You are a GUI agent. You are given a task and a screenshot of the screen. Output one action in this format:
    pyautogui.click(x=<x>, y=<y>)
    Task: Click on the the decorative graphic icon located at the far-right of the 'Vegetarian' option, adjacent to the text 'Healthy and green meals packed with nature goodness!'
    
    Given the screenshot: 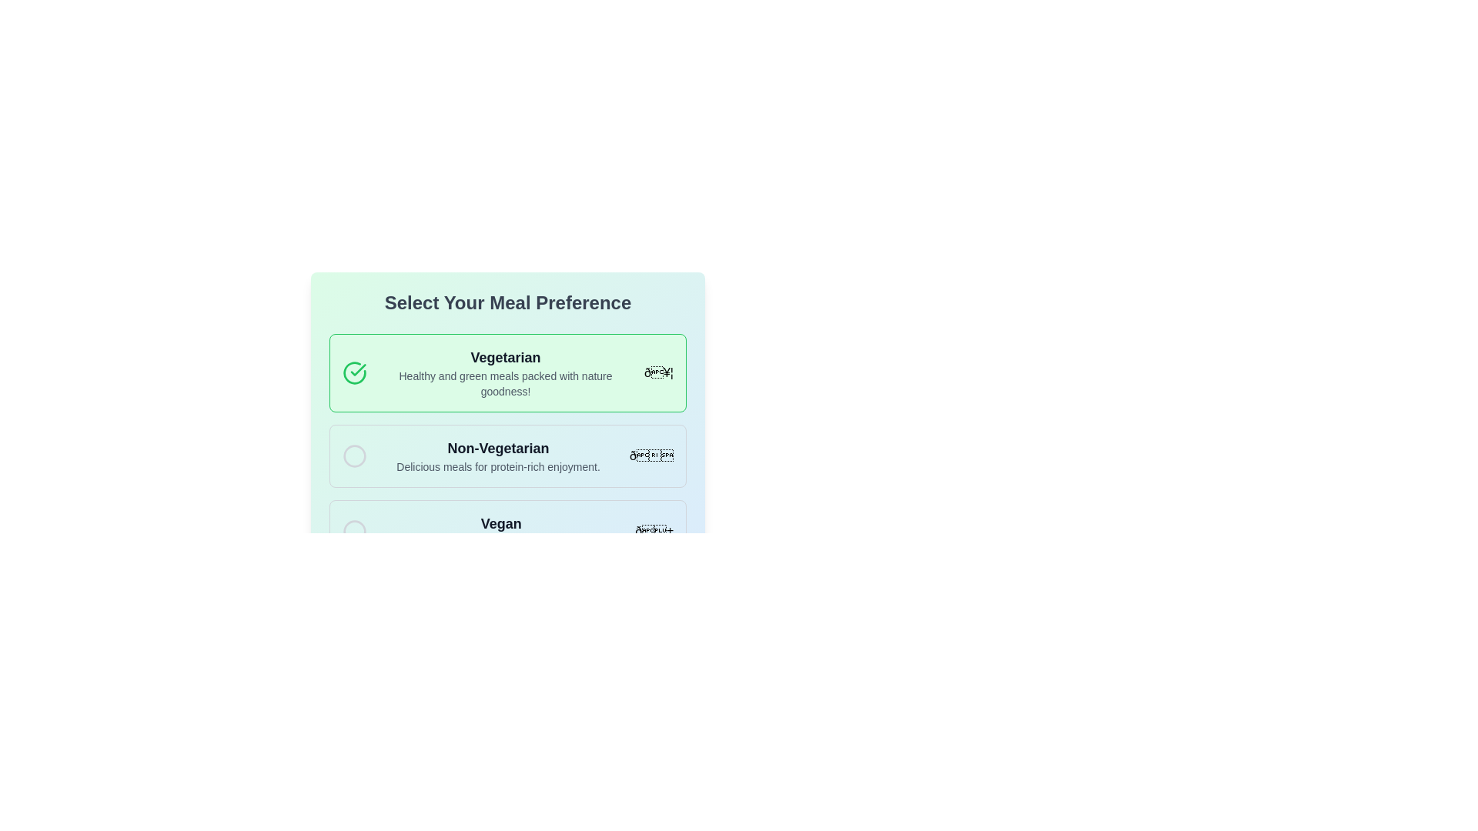 What is the action you would take?
    pyautogui.click(x=658, y=373)
    